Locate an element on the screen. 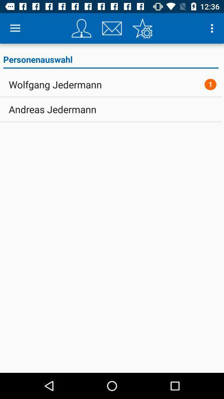 The width and height of the screenshot is (224, 399). item above the personenauswahl item is located at coordinates (81, 28).